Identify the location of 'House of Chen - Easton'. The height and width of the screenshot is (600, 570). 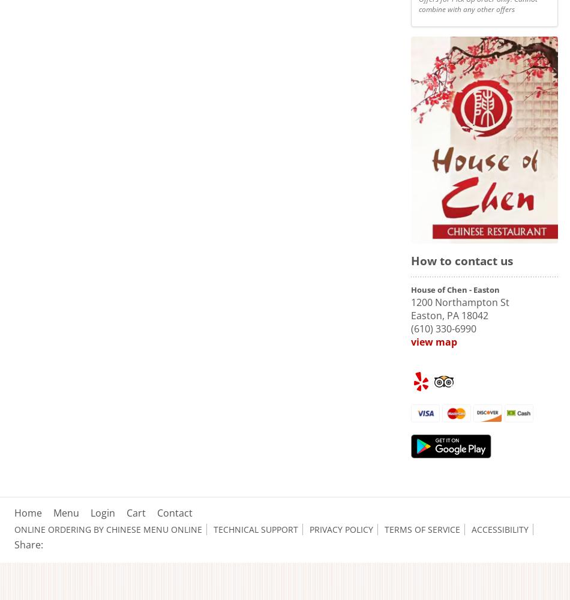
(411, 289).